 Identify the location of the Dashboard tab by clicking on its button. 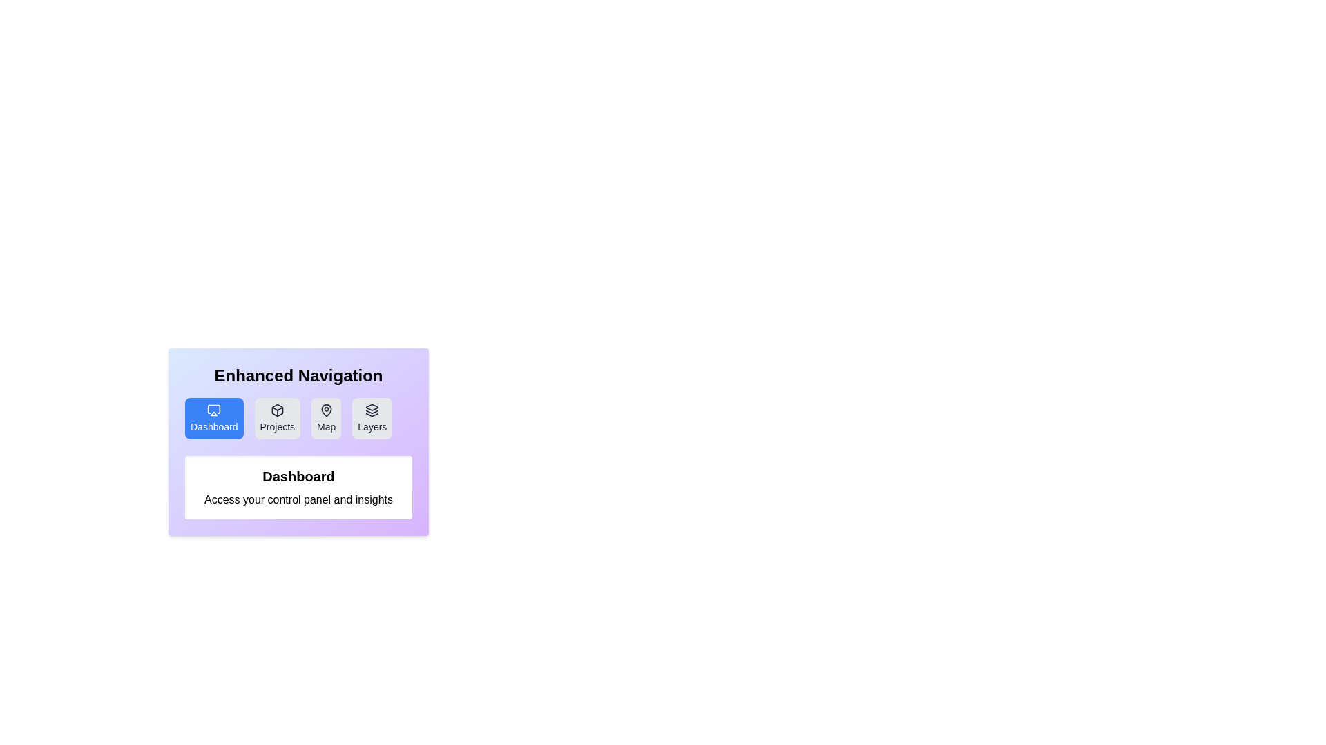
(213, 417).